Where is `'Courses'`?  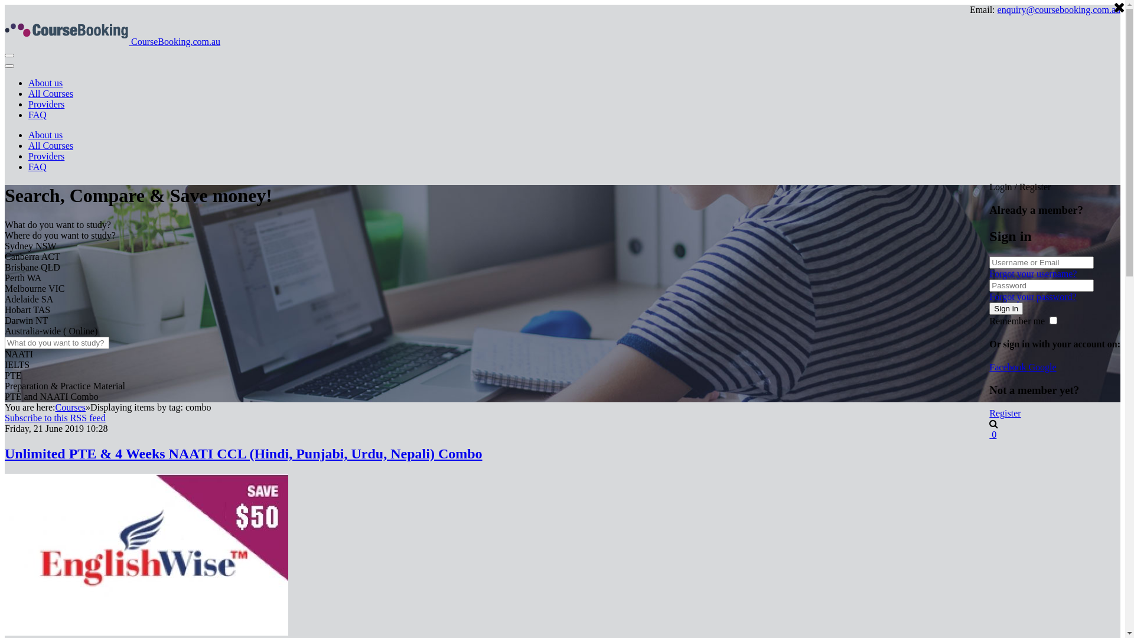
'Courses' is located at coordinates (70, 406).